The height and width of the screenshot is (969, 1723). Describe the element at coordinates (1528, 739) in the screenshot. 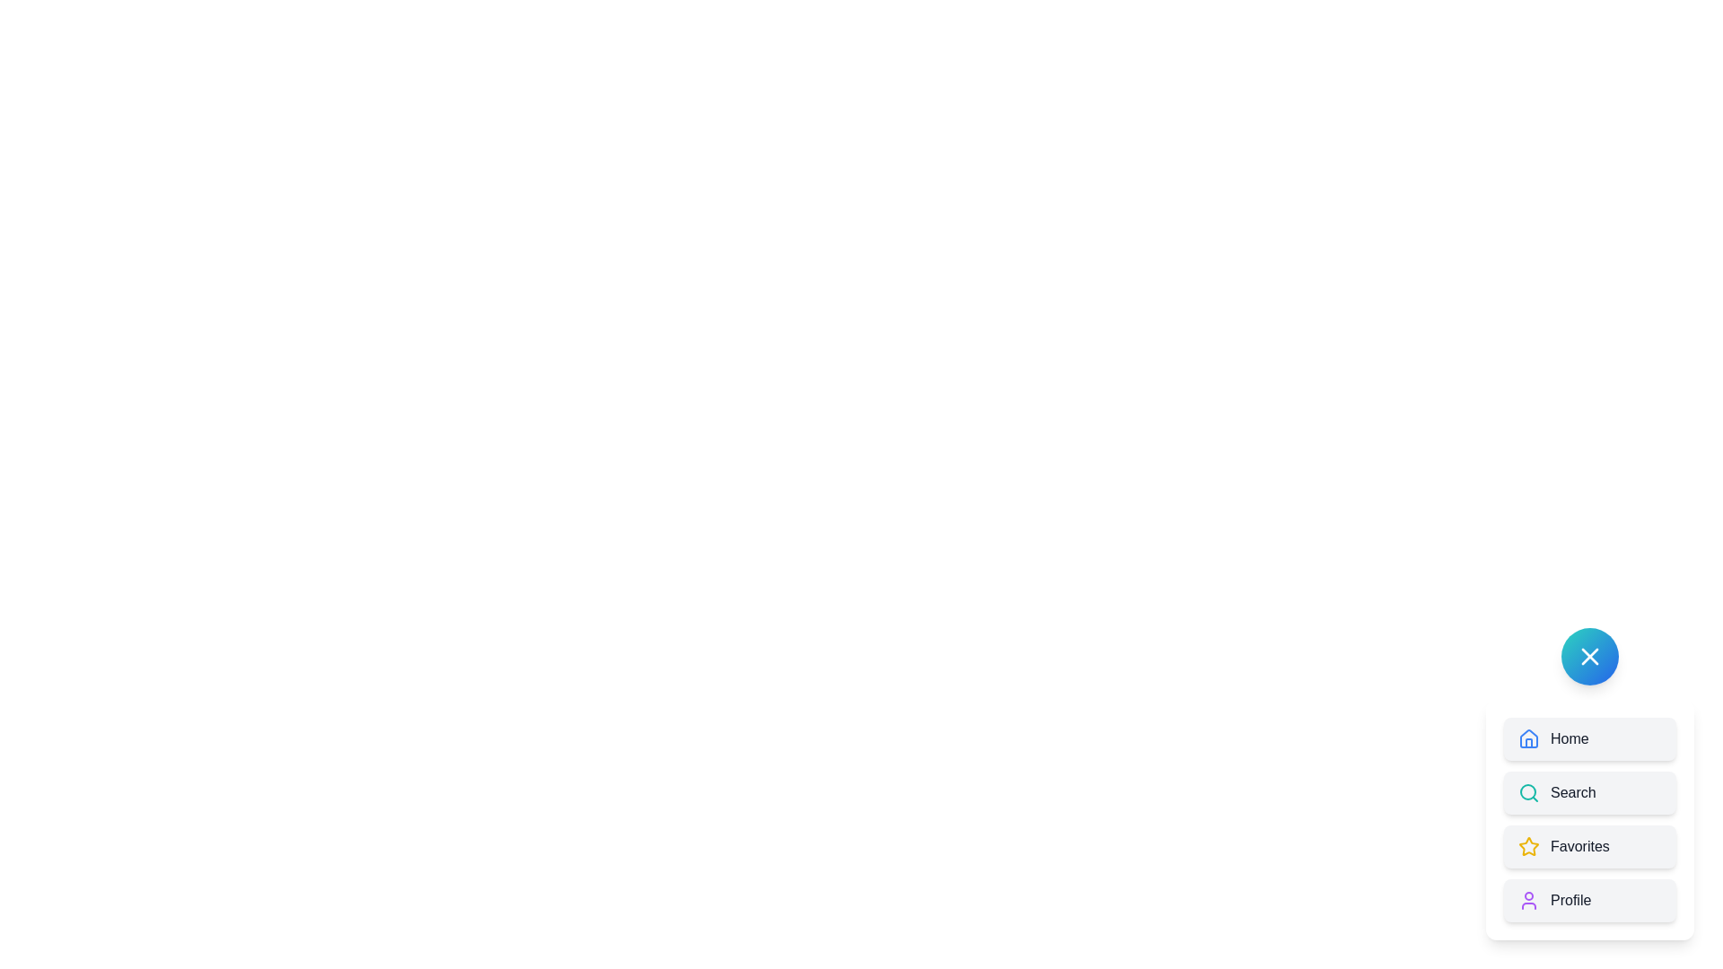

I see `the house icon with a blue outline indicating the 'Home' function, located in the bottom-right corner of the vertical navigation menu` at that location.